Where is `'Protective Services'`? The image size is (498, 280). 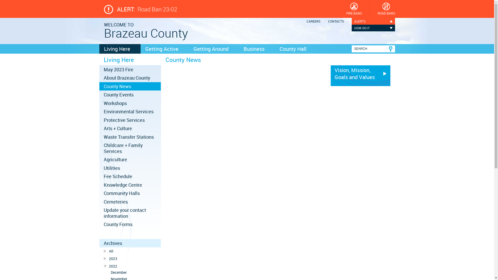
'Protective Services' is located at coordinates (130, 120).